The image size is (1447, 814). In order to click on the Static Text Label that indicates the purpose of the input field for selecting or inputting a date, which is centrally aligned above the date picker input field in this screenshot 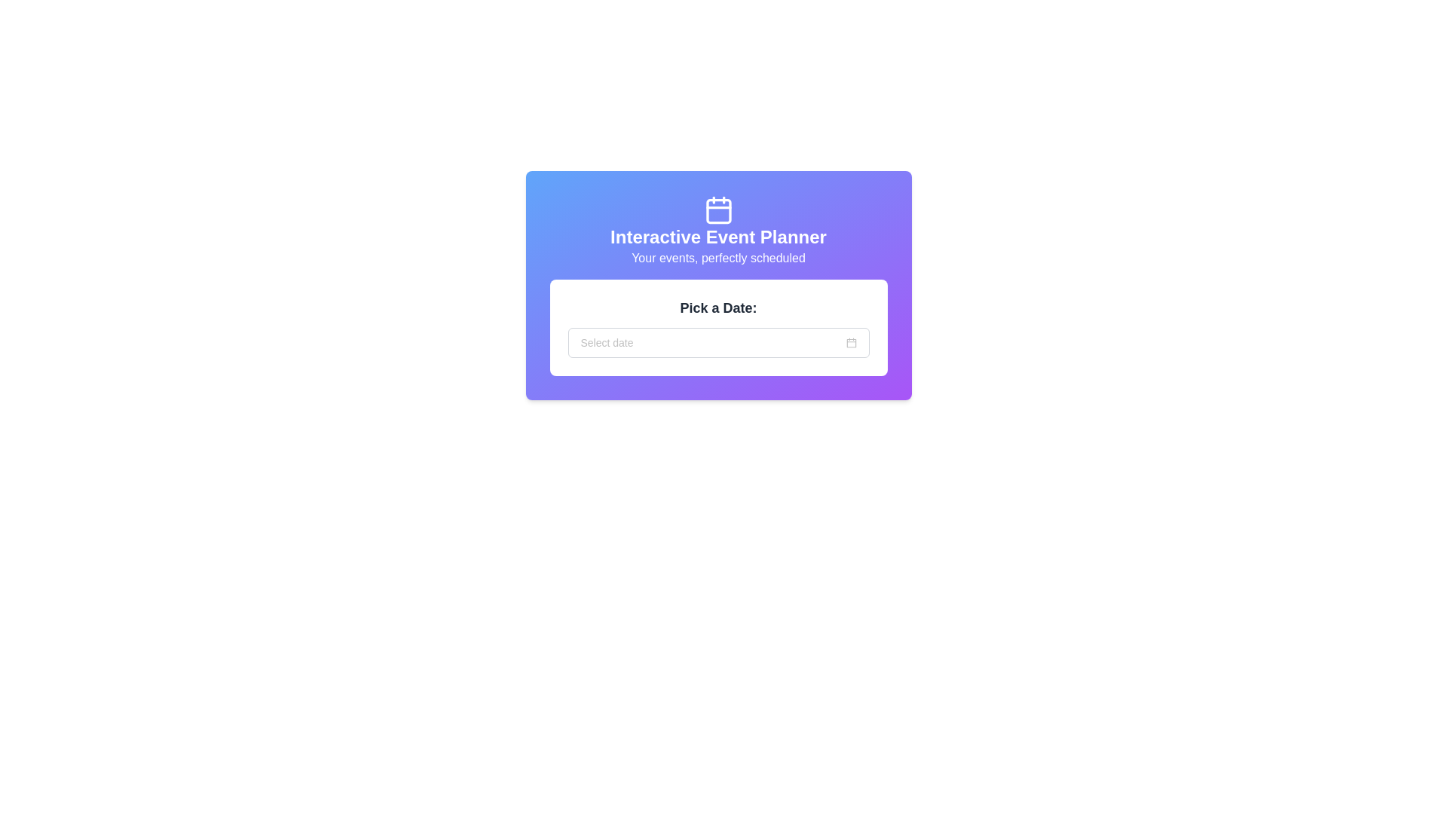, I will do `click(717, 307)`.